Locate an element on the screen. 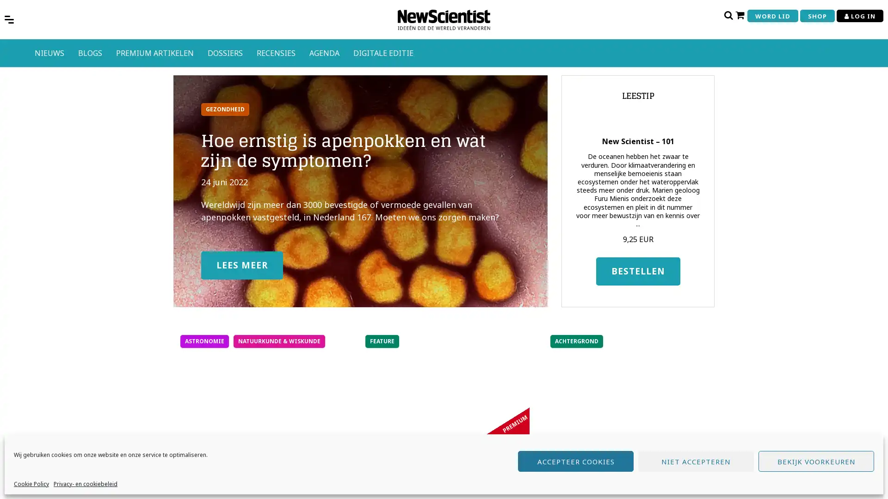  ACCEPTEER COOKIES is located at coordinates (575, 461).